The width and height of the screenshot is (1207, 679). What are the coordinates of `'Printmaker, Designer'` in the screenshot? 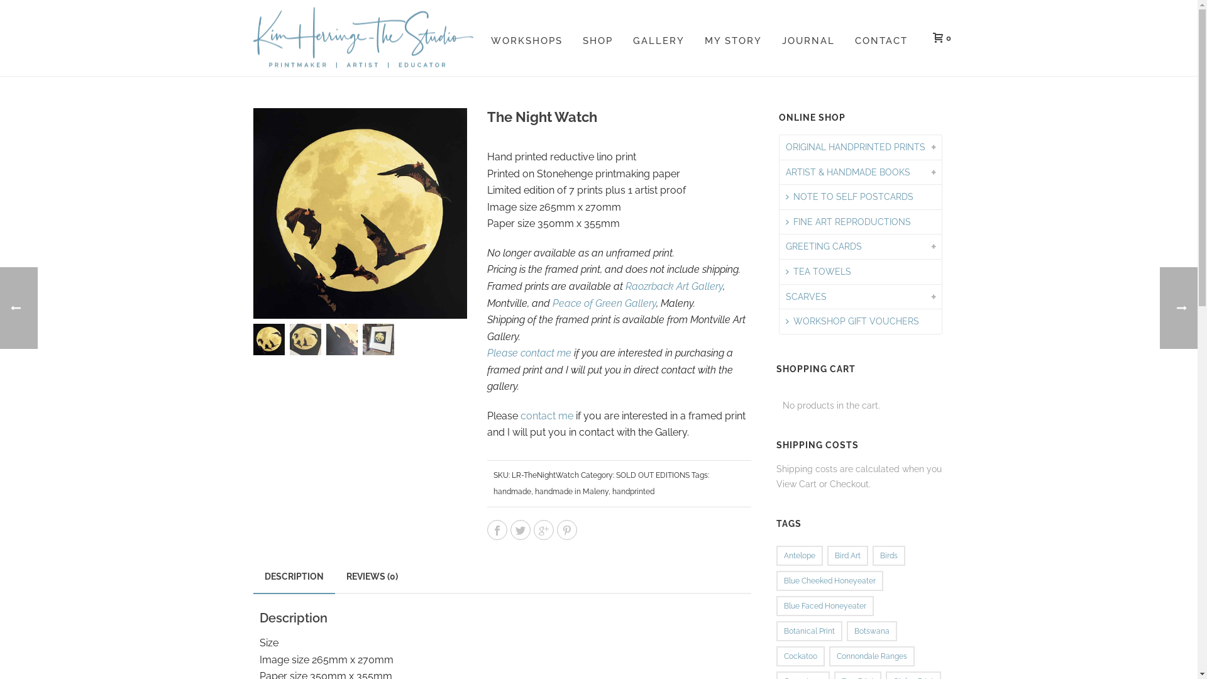 It's located at (361, 37).